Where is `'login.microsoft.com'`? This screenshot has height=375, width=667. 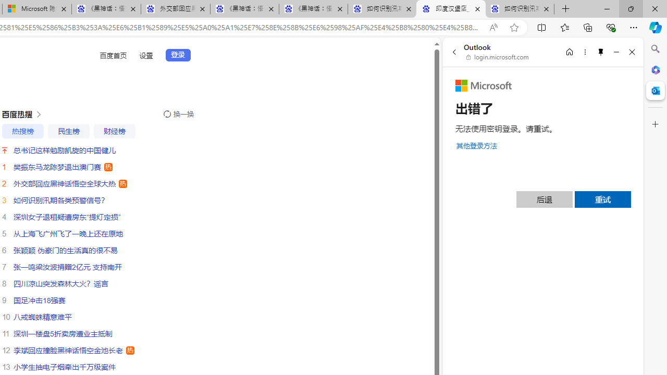 'login.microsoft.com' is located at coordinates (497, 57).